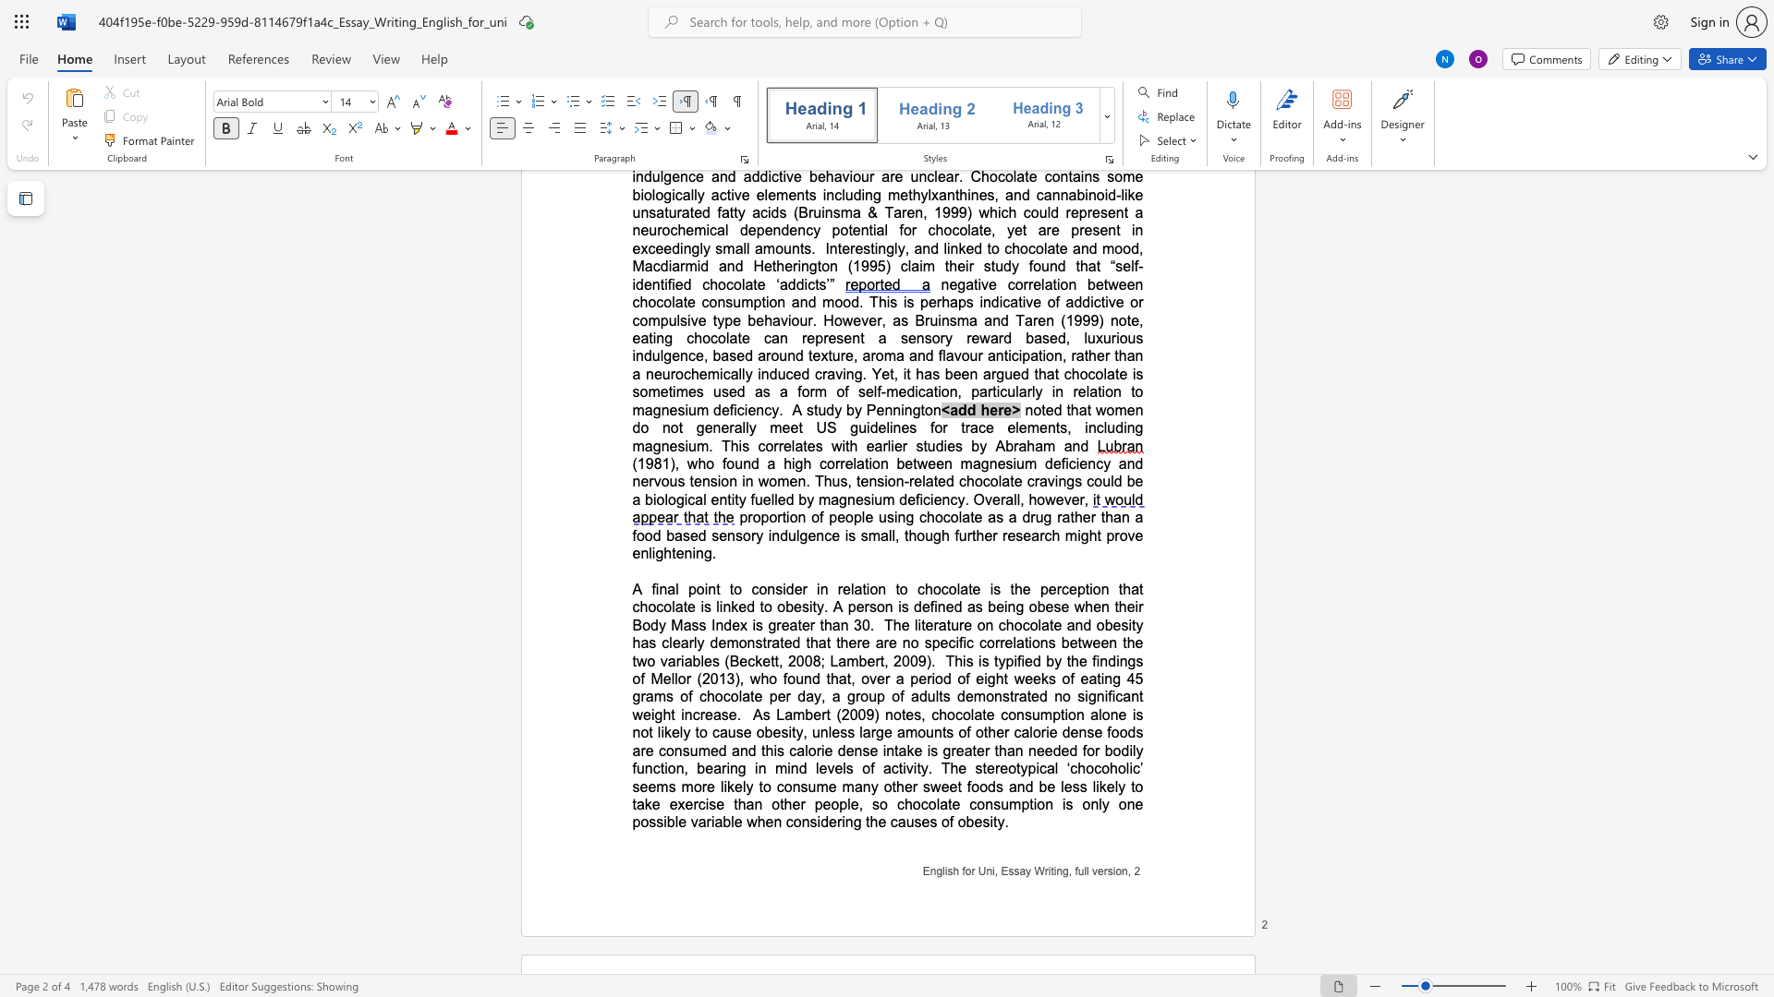 Image resolution: width=1774 pixels, height=997 pixels. What do you see at coordinates (869, 589) in the screenshot?
I see `the subset text "on to" within the text "to consider in relation to chocolate is the"` at bounding box center [869, 589].